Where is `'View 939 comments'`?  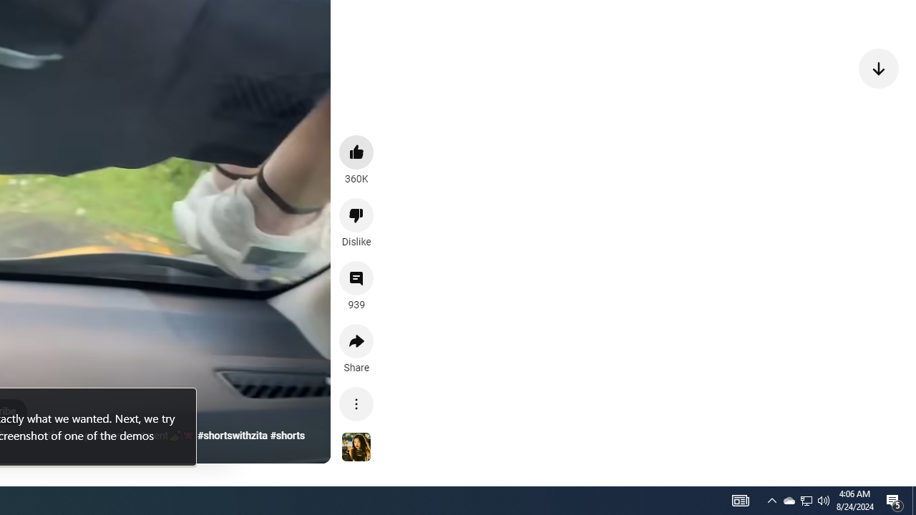
'View 939 comments' is located at coordinates (356, 278).